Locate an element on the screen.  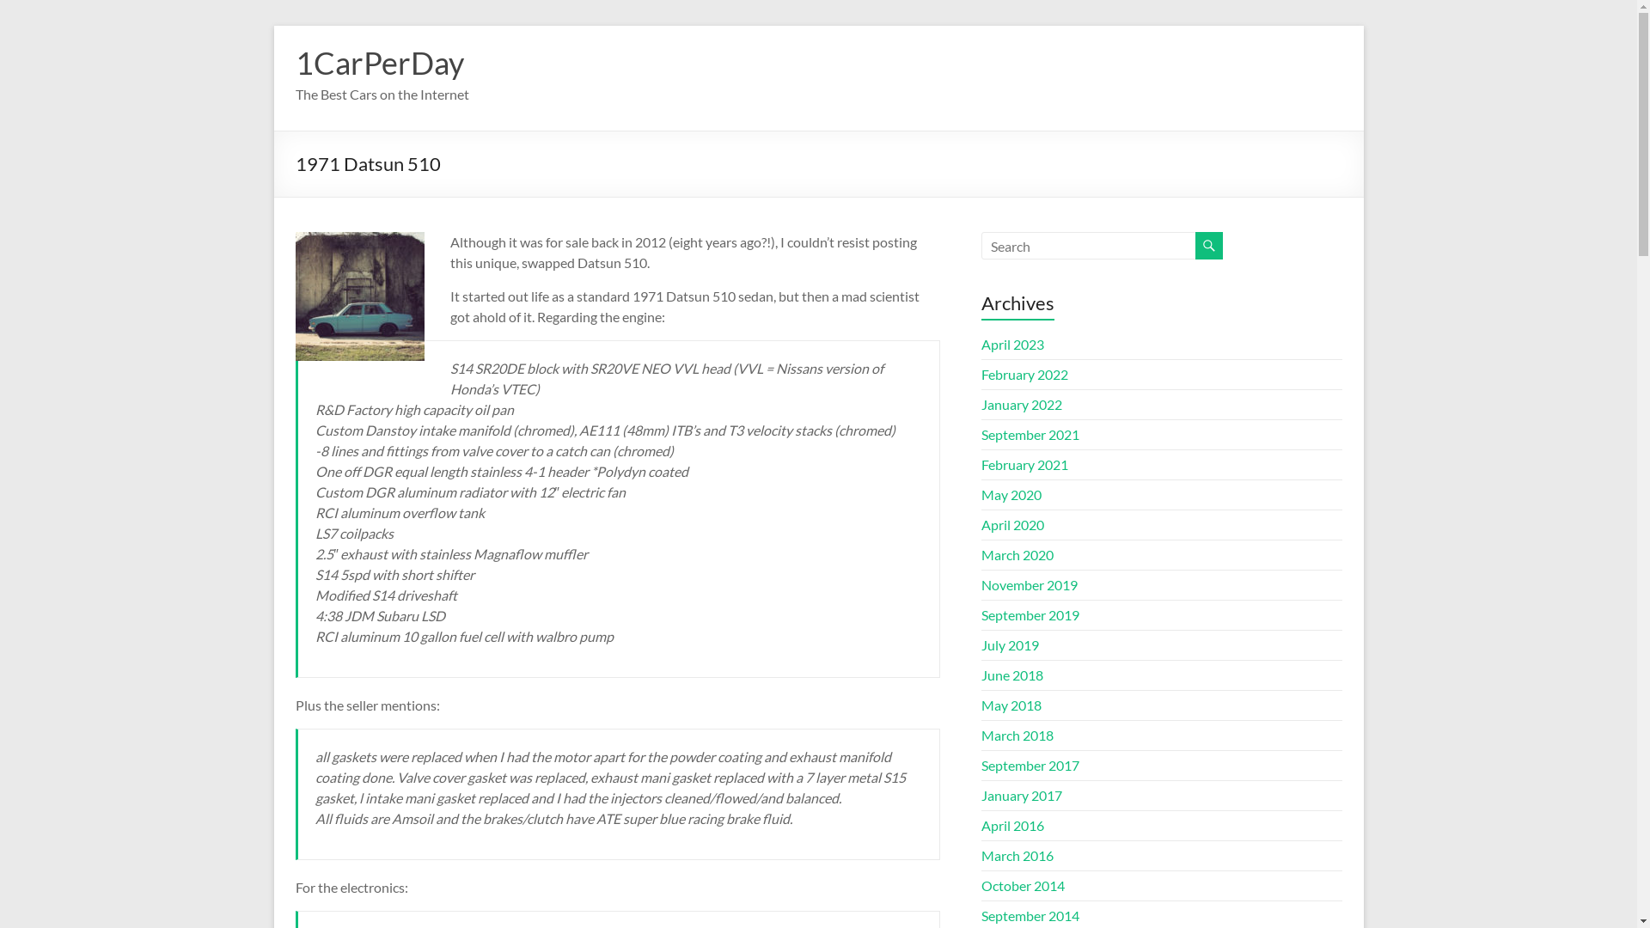
'February 2021' is located at coordinates (1024, 464).